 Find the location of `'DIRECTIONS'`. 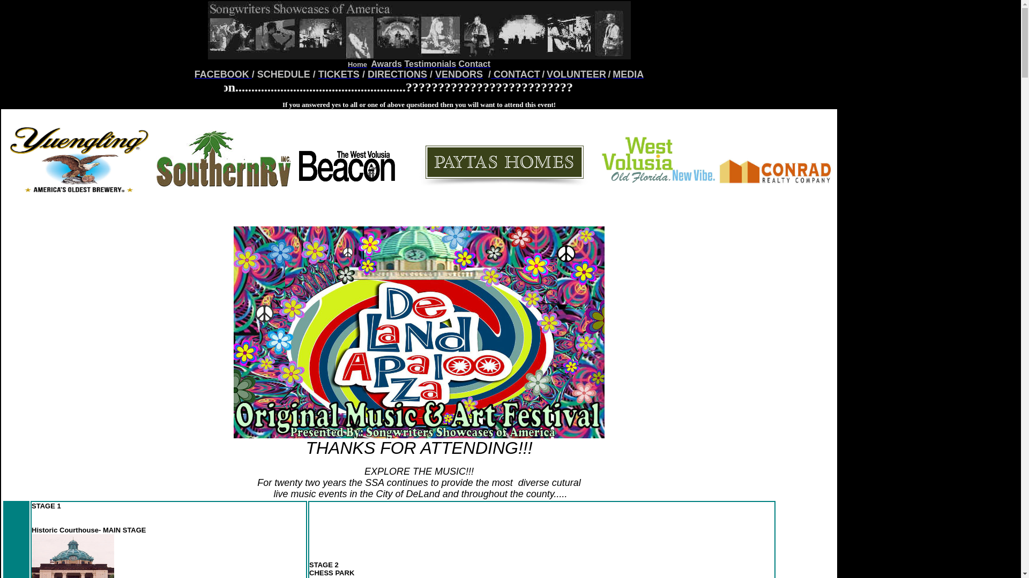

'DIRECTIONS' is located at coordinates (368, 73).